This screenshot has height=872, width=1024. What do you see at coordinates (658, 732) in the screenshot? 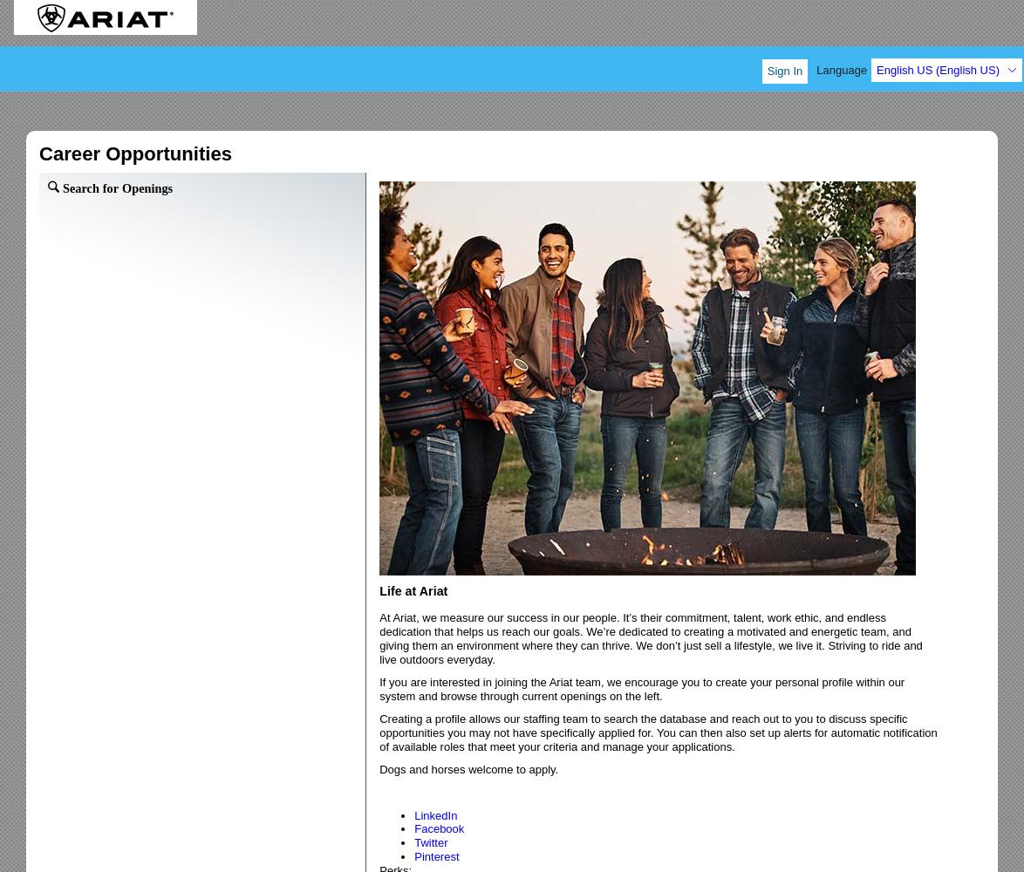
I see `'Creating a profile allows our staffing team to search the database and reach out to you to discuss specific opportunities you may not have specifically applied for. You can then also set up alerts for automatic notification of available roles that meet your criteria and manage your applications.'` at bounding box center [658, 732].